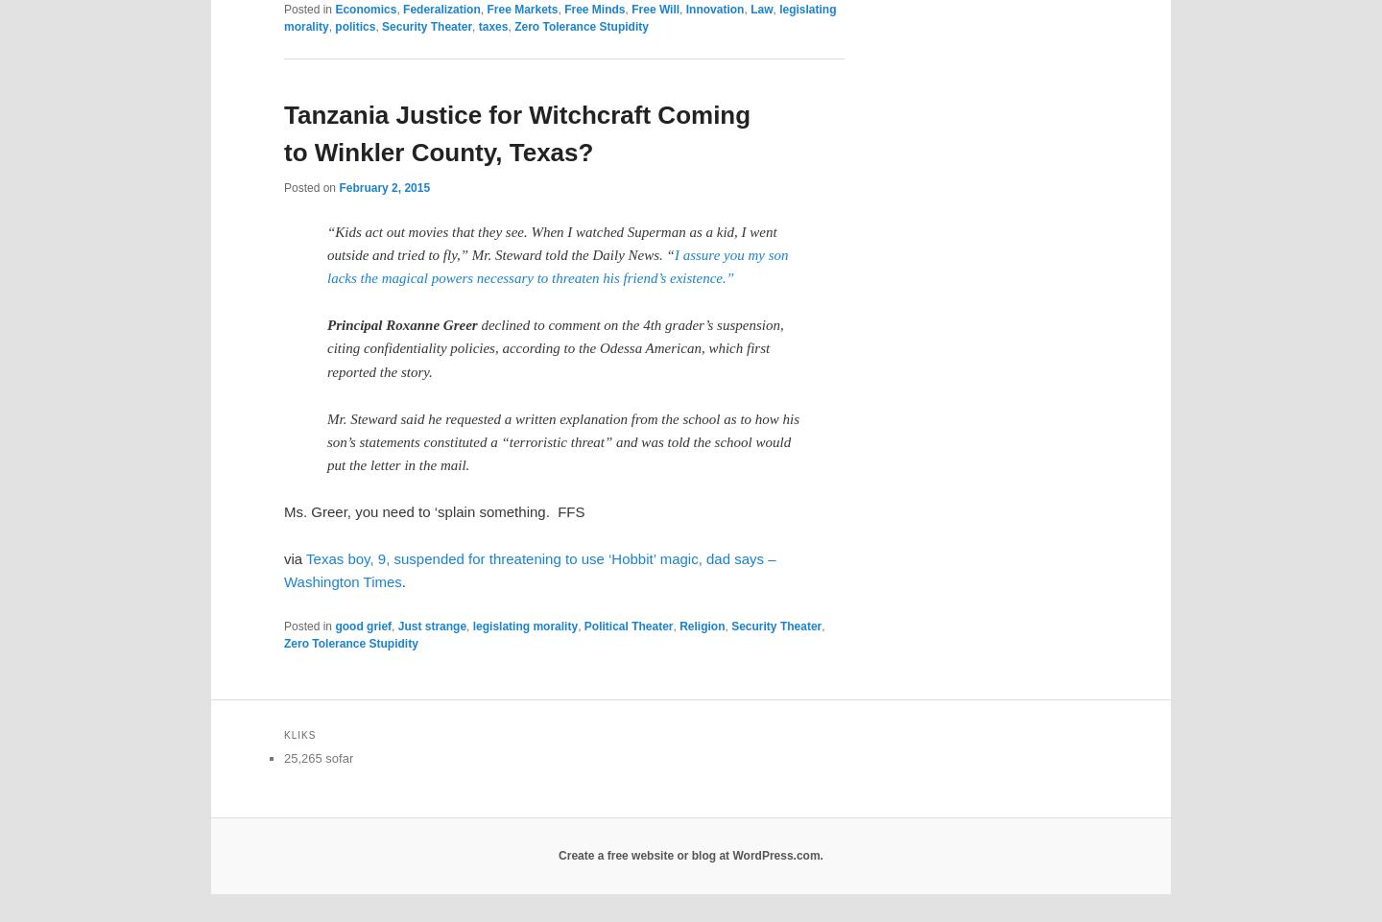 Image resolution: width=1382 pixels, height=922 pixels. I want to click on 'Texas boy, 9, suspended for threatening to use ‘Hobbit’ magic, dad says – Washington Times', so click(283, 569).